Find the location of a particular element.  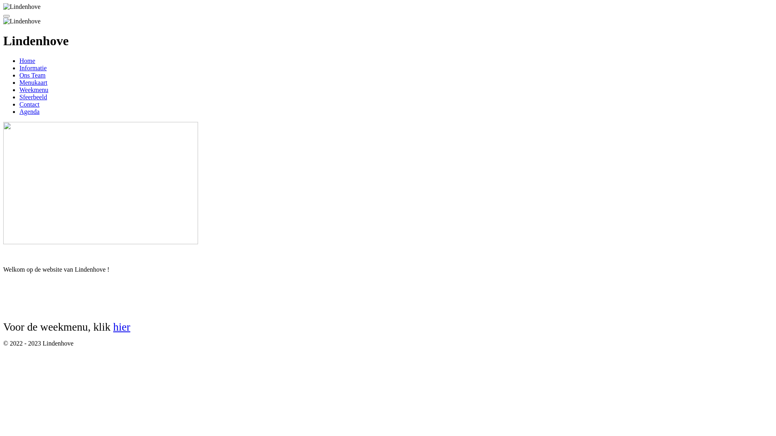

'Menukaart' is located at coordinates (19, 82).